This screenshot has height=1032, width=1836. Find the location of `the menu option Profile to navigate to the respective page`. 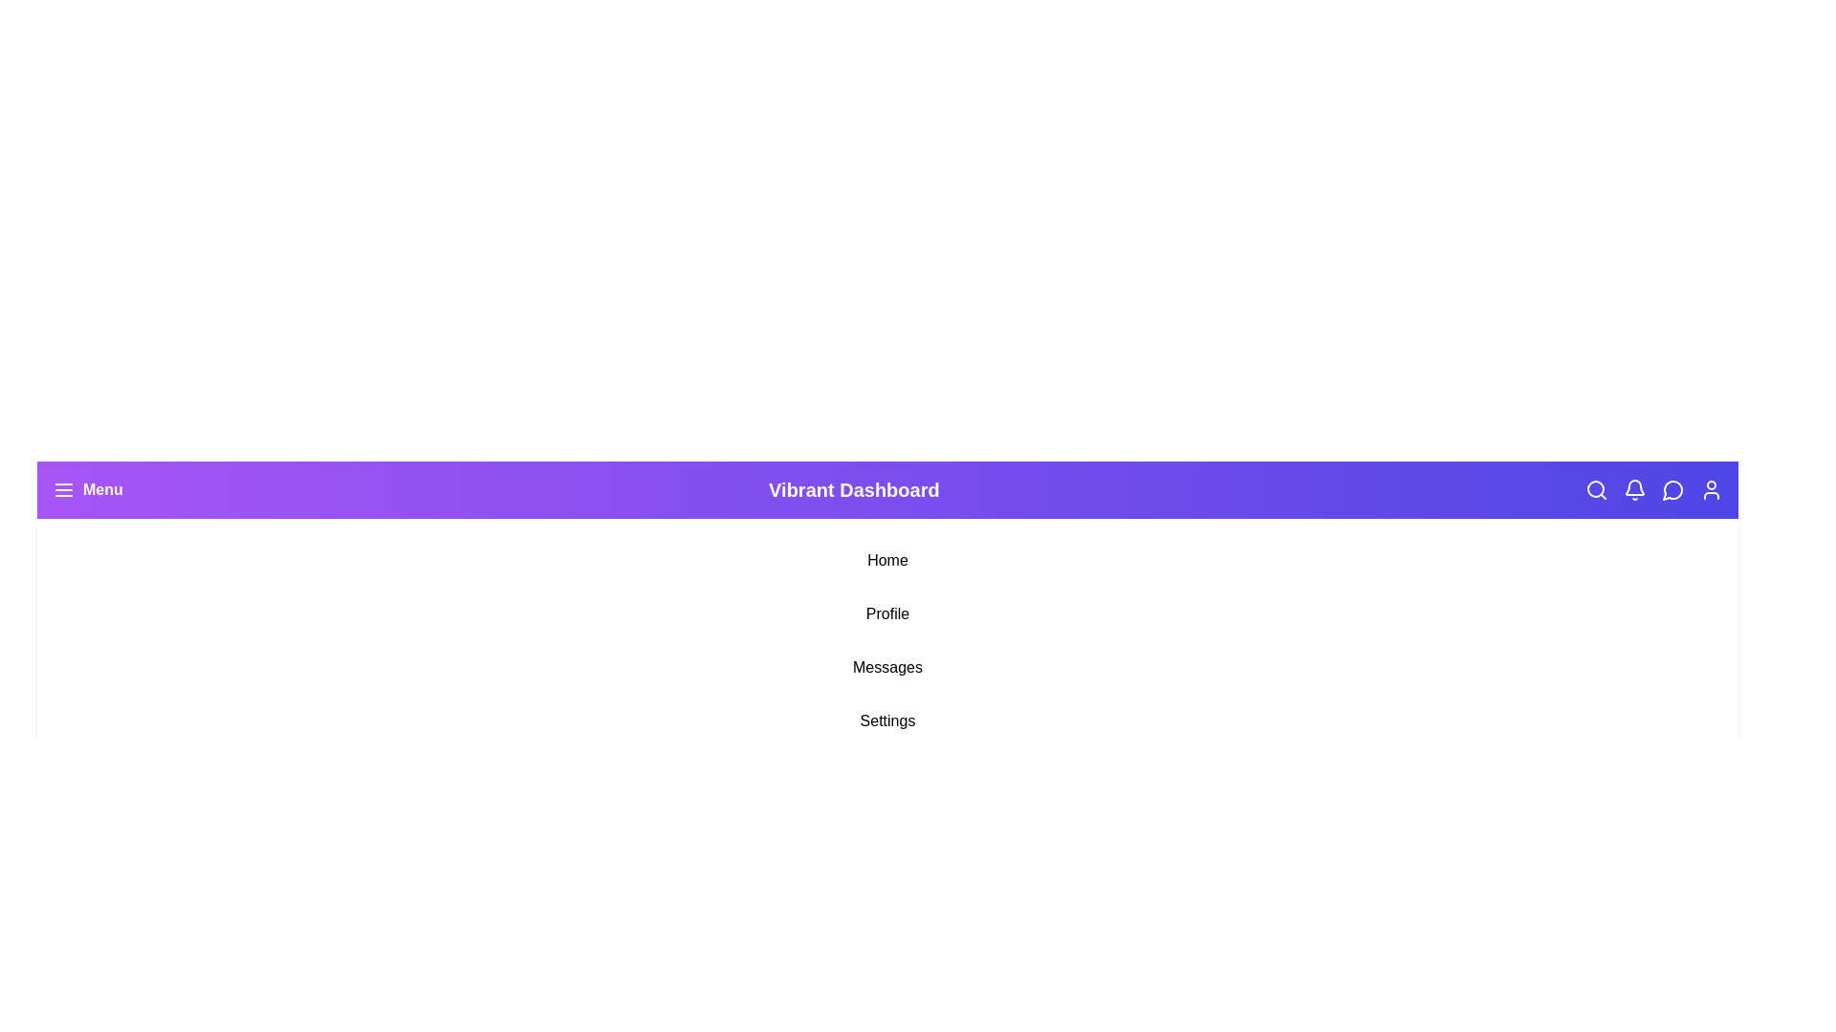

the menu option Profile to navigate to the respective page is located at coordinates (886, 614).